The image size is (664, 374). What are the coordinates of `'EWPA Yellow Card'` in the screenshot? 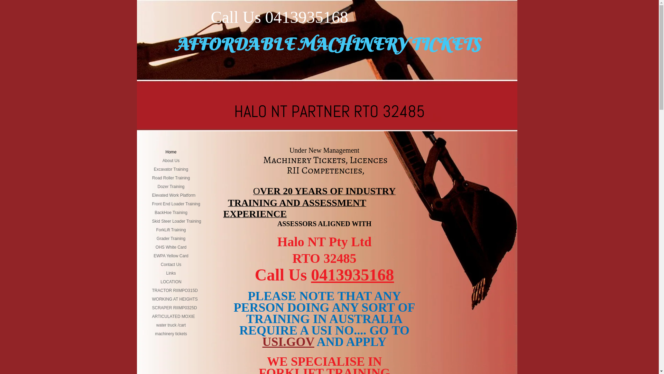 It's located at (171, 256).